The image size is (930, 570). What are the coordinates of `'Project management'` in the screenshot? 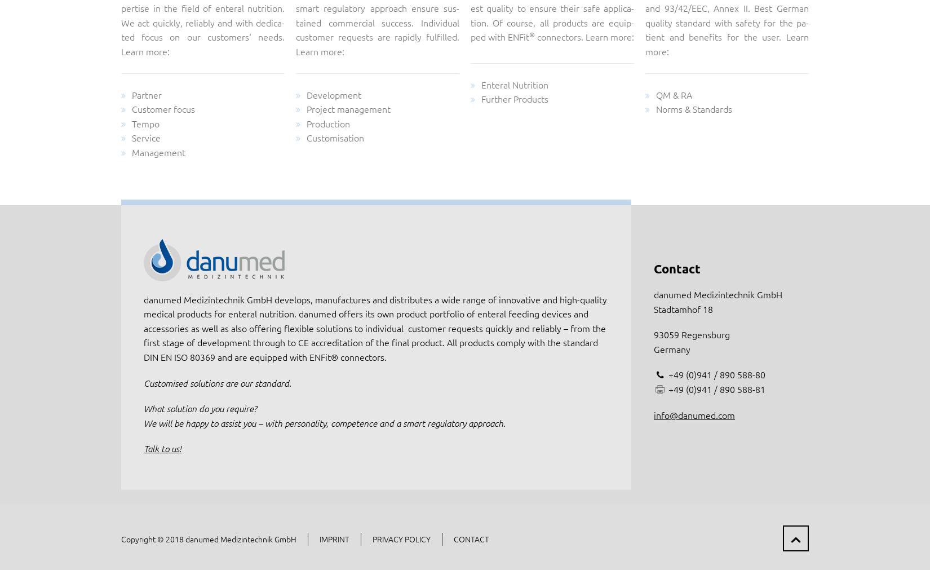 It's located at (348, 108).